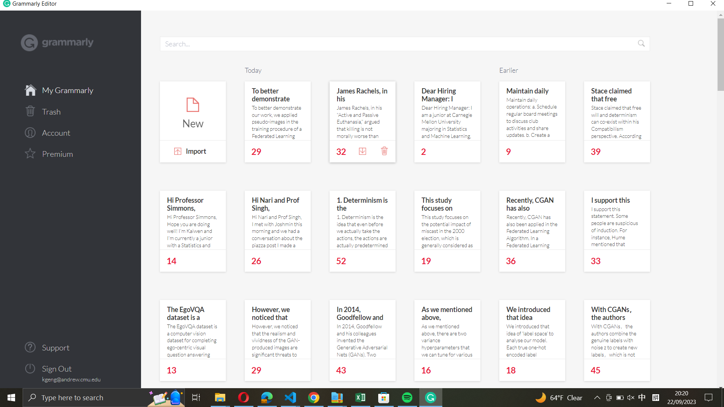  Describe the element at coordinates (277, 110) in the screenshot. I see `Browse "Note Better Demonstrate" document` at that location.